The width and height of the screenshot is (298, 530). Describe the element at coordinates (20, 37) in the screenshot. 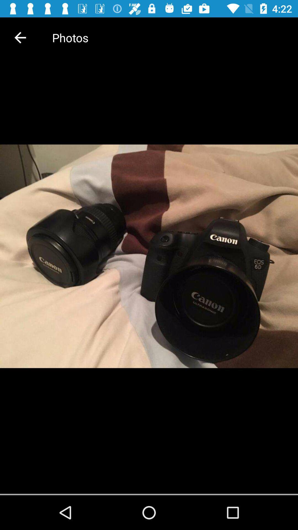

I see `app to the left of photos item` at that location.